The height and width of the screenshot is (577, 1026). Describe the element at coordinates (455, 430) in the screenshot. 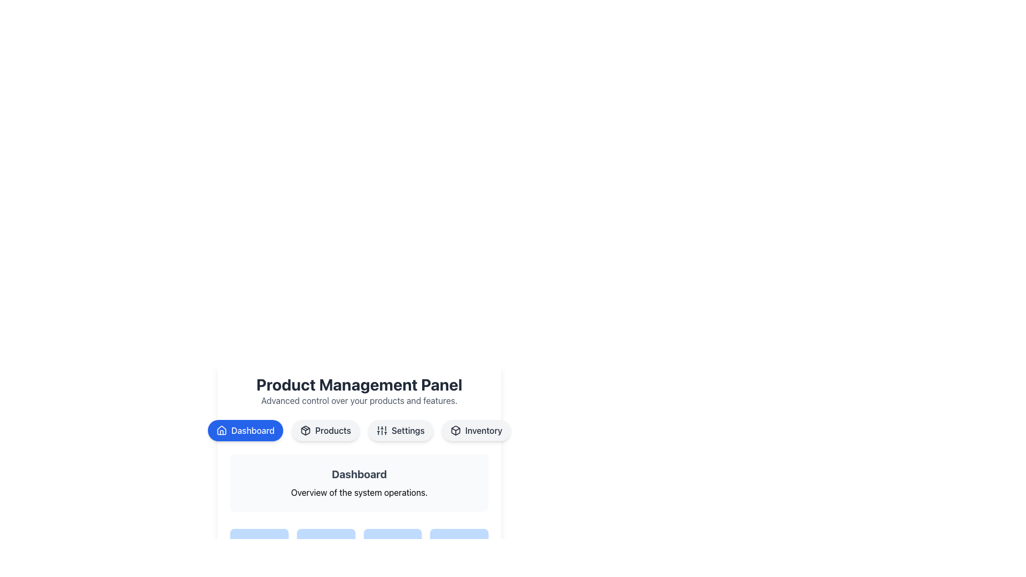

I see `the small, vector-based cube icon located within the rounded 'Inventory' button, which has a light-gray background and dark text` at that location.